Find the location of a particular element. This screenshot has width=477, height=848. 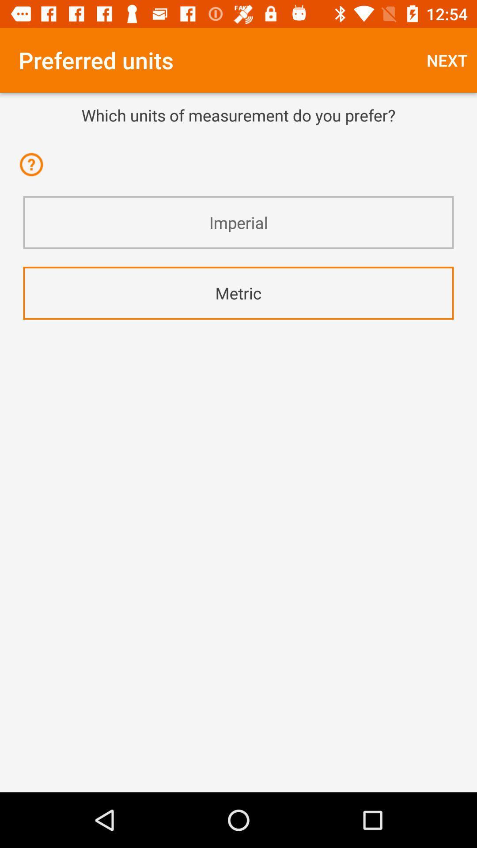

icon above the imperial item is located at coordinates (34, 170).